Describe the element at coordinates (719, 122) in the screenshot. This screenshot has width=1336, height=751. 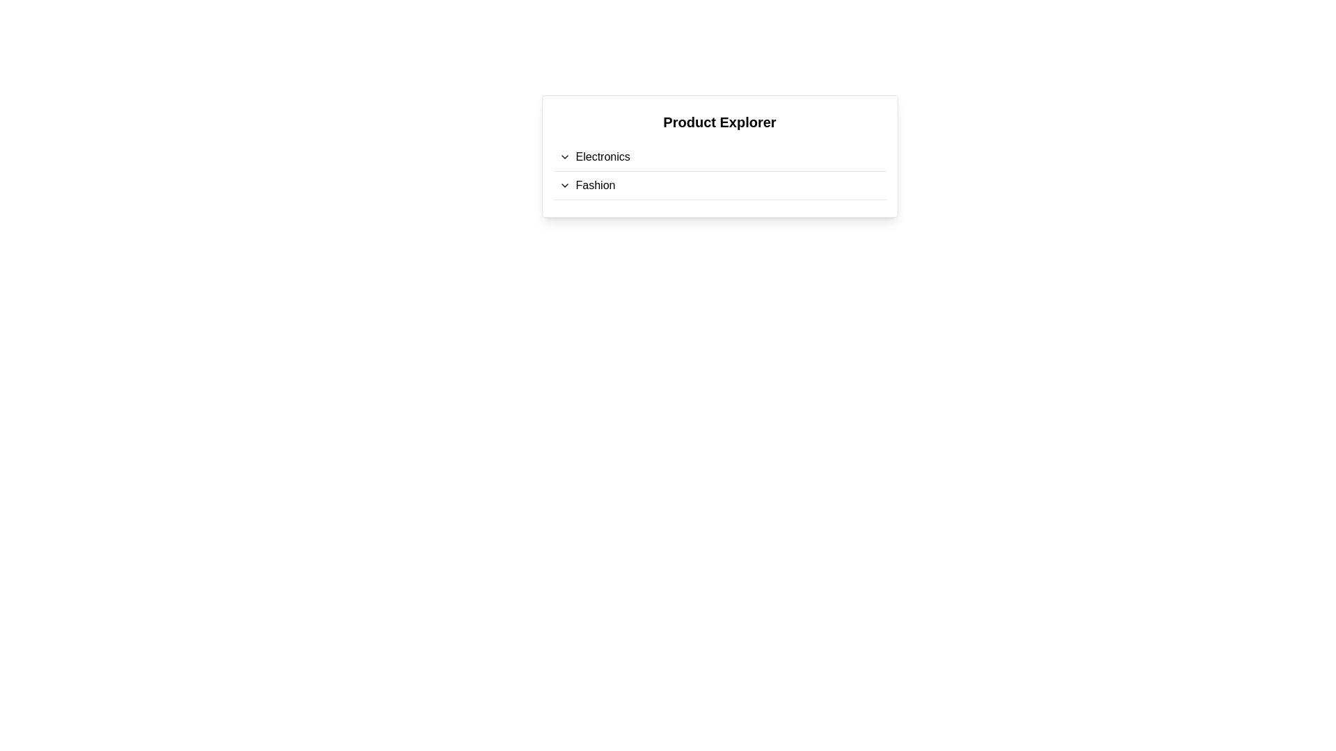
I see `the bold text label 'Product Explorer' located at the top-center of the content block` at that location.